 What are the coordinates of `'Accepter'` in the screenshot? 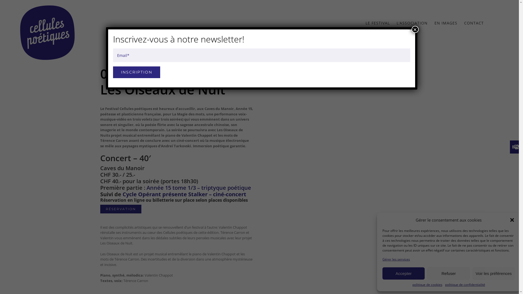 It's located at (403, 273).